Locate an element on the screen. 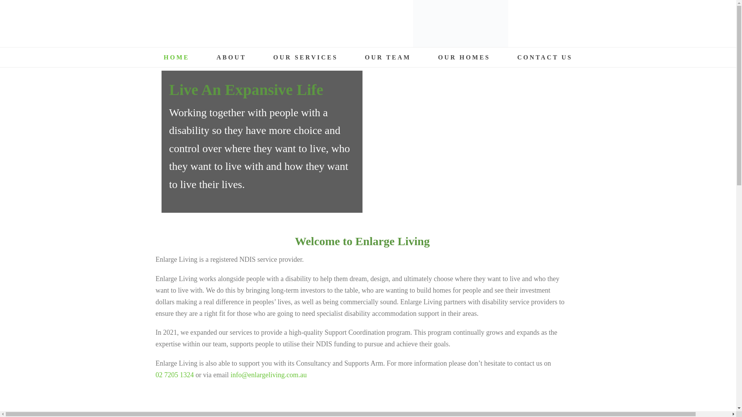  '02 7205 1324' is located at coordinates (174, 375).